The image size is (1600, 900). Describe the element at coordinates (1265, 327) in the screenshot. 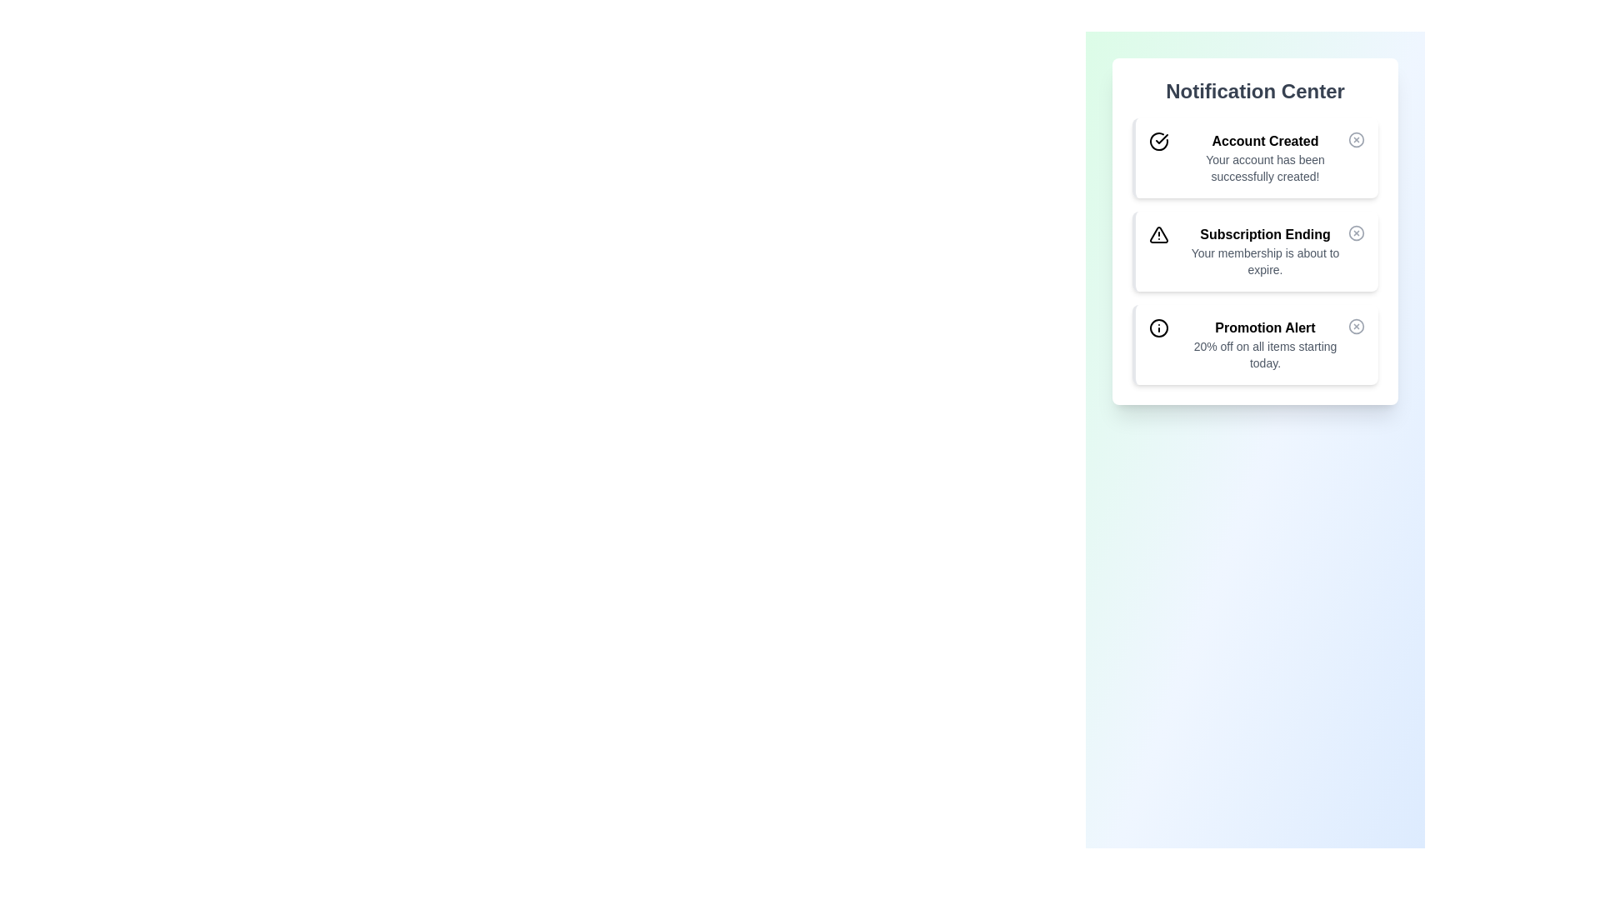

I see `text from the bold and prominent 'Promotion Alert' label located in the Notification Center panel` at that location.